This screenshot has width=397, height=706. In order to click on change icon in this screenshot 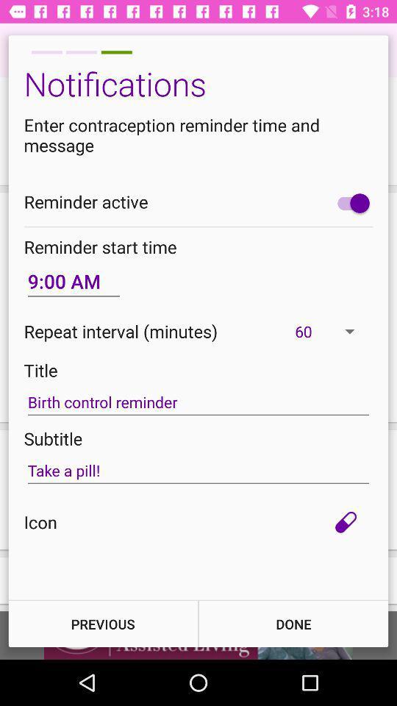, I will do `click(346, 522)`.